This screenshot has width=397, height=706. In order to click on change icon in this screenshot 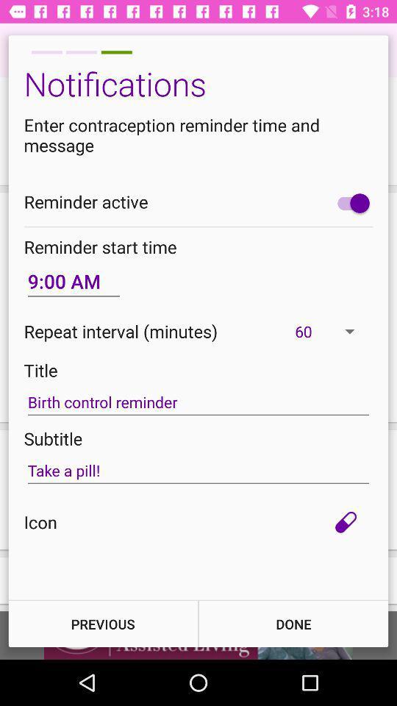, I will do `click(346, 522)`.